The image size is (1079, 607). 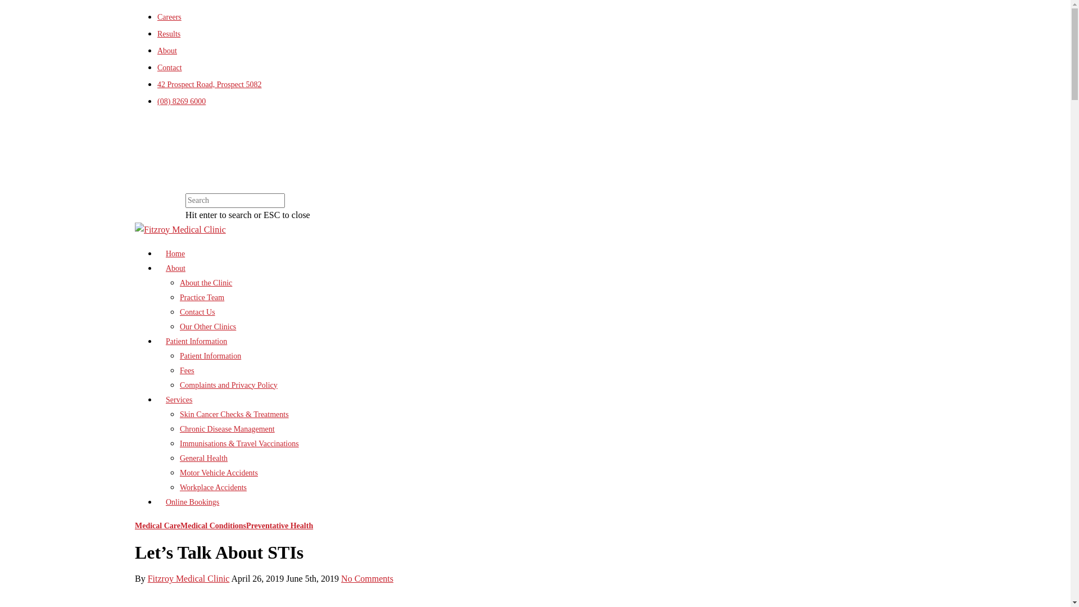 What do you see at coordinates (196, 341) in the screenshot?
I see `'Patient Information'` at bounding box center [196, 341].